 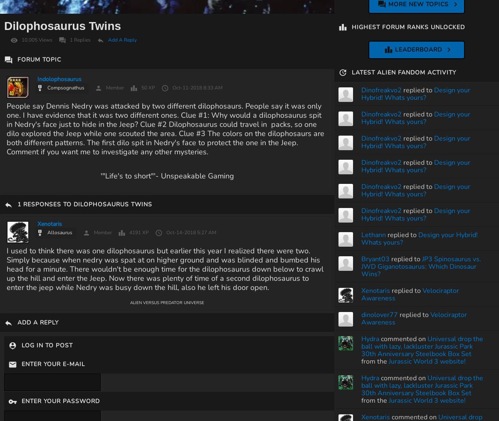 I want to click on 'Enter Your E-Mail', so click(x=53, y=363).